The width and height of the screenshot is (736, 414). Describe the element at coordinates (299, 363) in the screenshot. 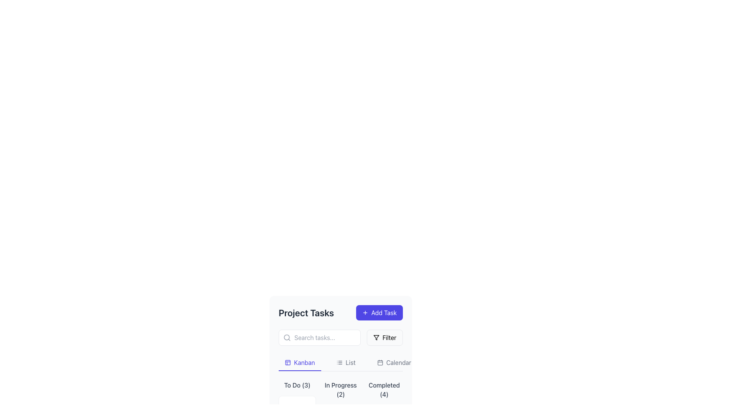

I see `the 'Kanban' button, which is the first tab in the 'Project Tasks' section, styled in indigo with an active selection underline` at that location.